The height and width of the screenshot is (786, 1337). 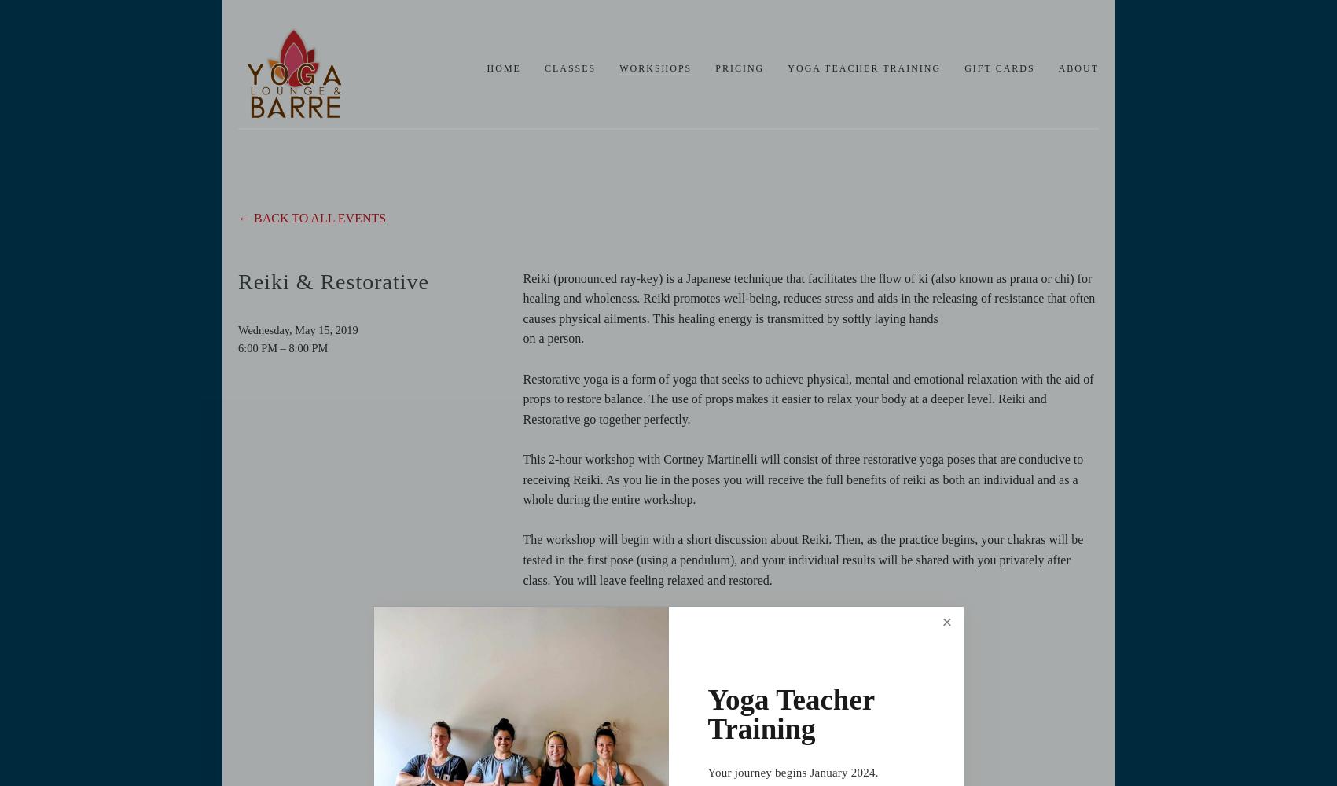 What do you see at coordinates (531, 619) in the screenshot?
I see `'$25'` at bounding box center [531, 619].